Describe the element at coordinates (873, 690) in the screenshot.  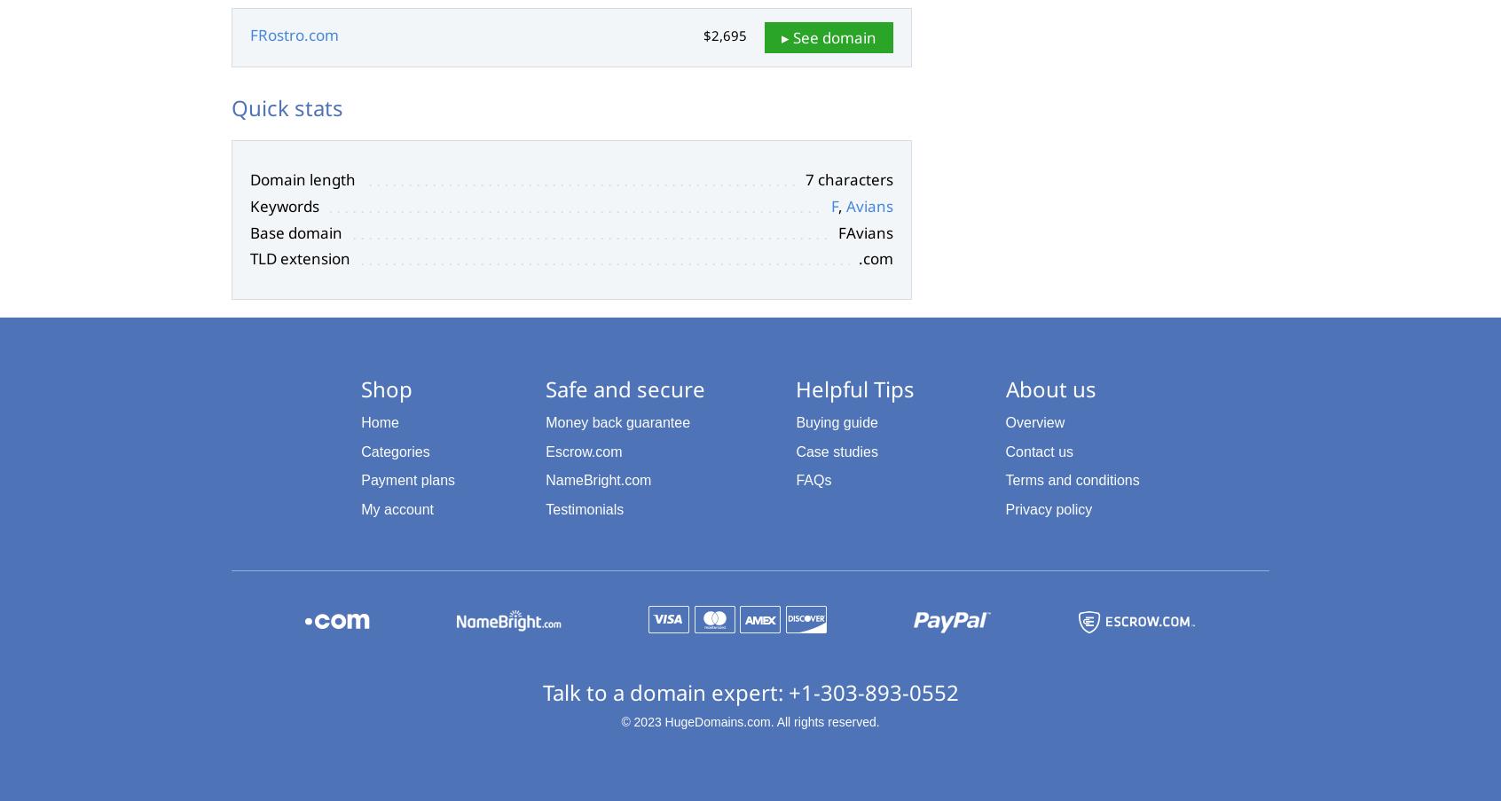
I see `'+1-303-893-0552'` at that location.